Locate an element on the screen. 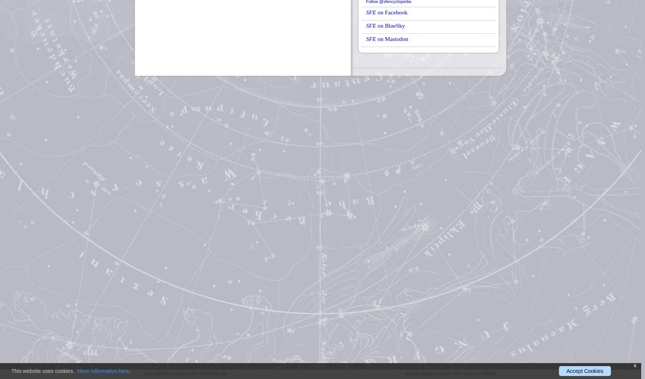 The height and width of the screenshot is (379, 645). 'on Facebook' is located at coordinates (391, 12).